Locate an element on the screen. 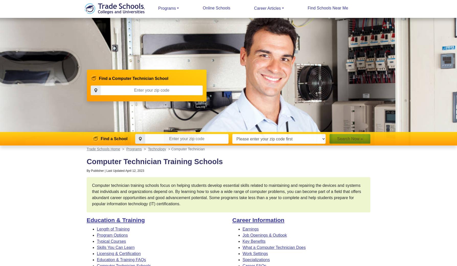 This screenshot has height=266, width=457. 'Typical Courses' is located at coordinates (111, 241).